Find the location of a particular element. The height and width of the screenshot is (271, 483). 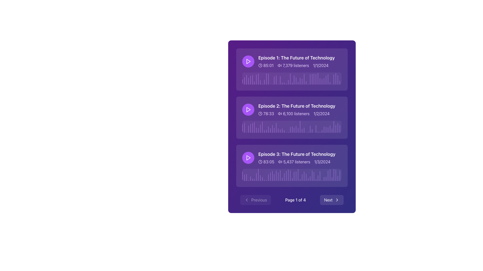

the audio-related icon located to the left of the text '6,100 listeners' in the second item of the vertical episode list is located at coordinates (280, 113).